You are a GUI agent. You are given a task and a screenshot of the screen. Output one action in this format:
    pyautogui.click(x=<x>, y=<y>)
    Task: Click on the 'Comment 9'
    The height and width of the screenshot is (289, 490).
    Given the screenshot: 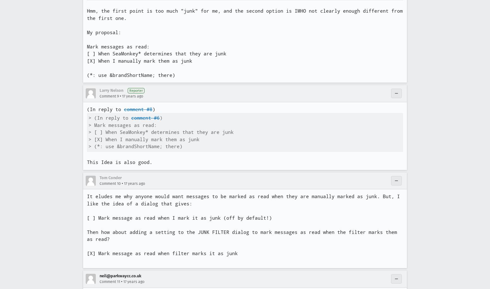 What is the action you would take?
    pyautogui.click(x=109, y=96)
    